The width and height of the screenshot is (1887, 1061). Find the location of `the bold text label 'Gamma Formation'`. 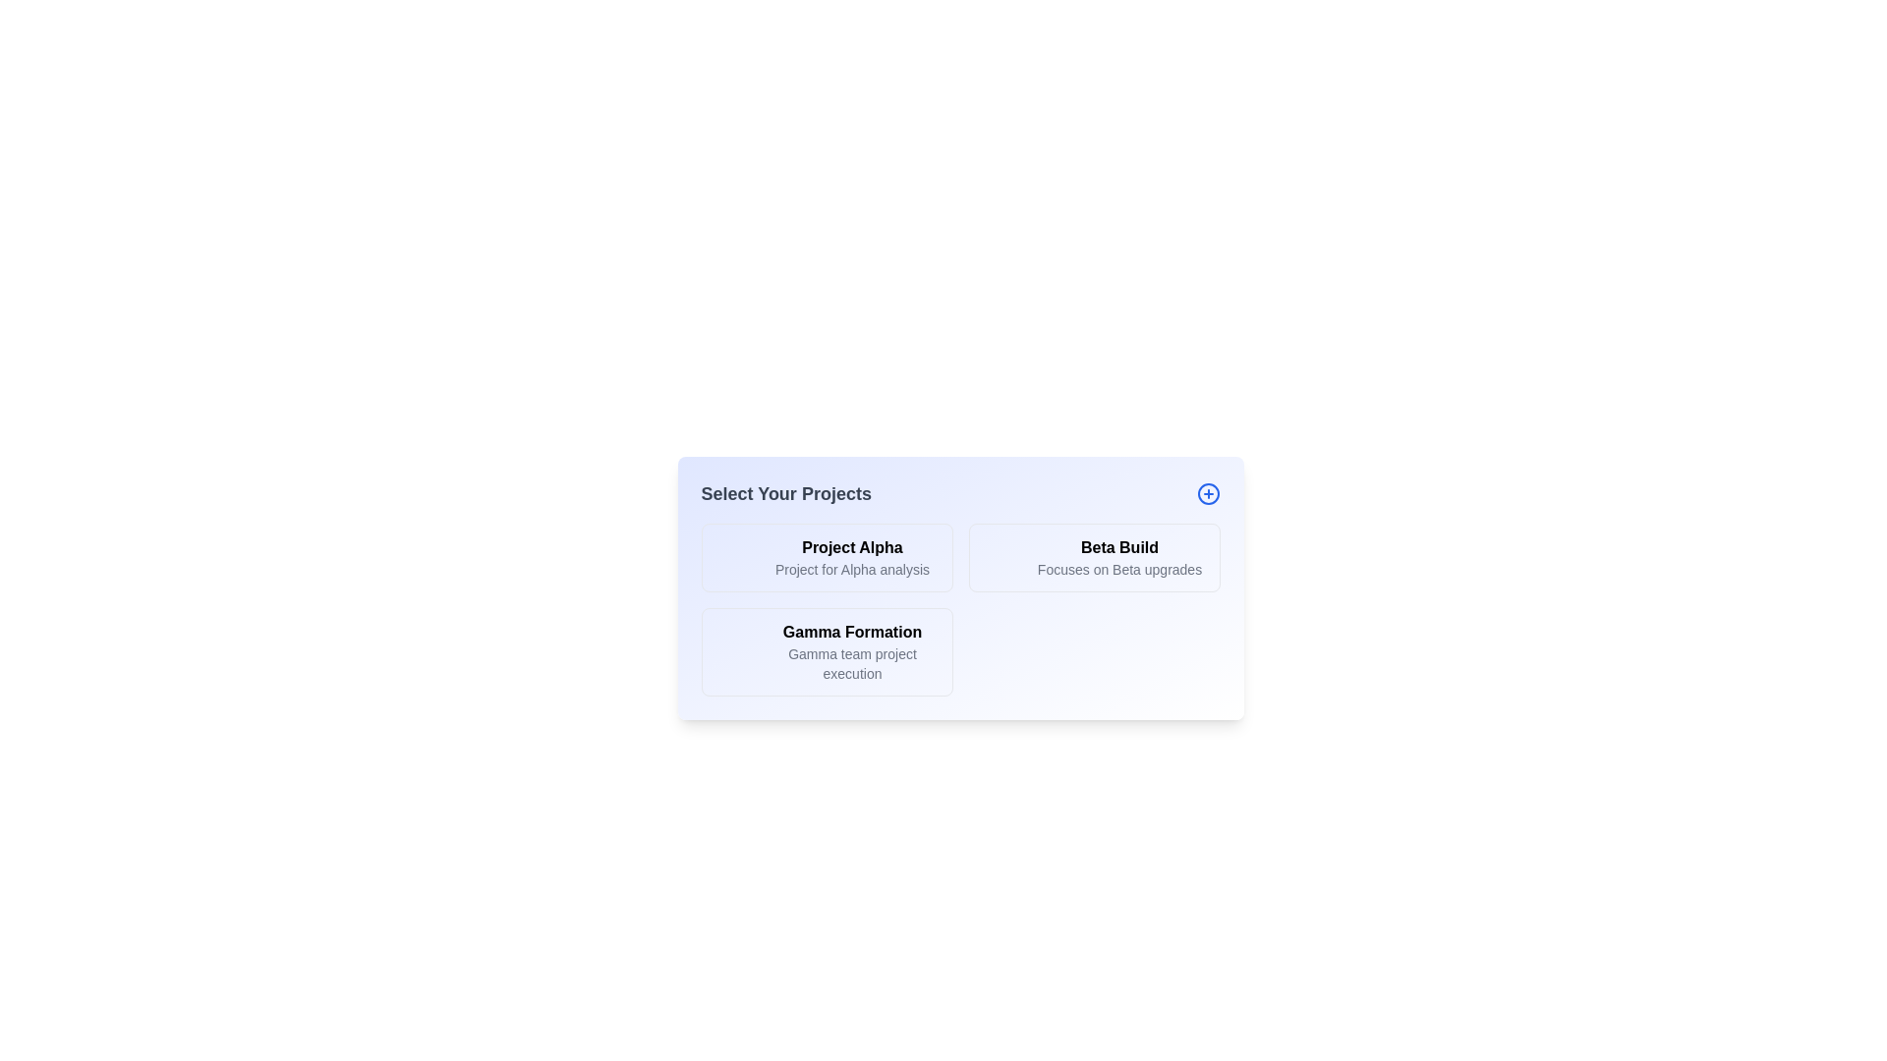

the bold text label 'Gamma Formation' is located at coordinates (852, 633).